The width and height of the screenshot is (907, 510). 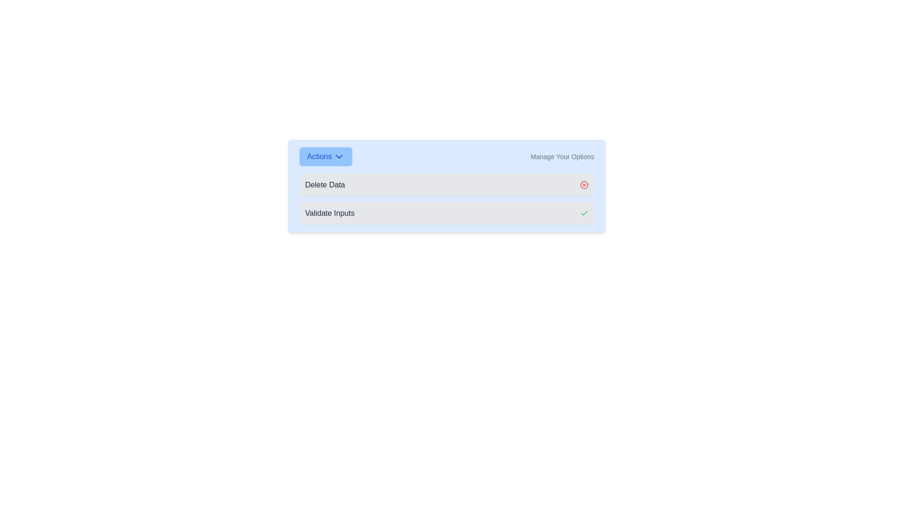 What do you see at coordinates (584, 185) in the screenshot?
I see `the red circular 'X' button to confirm the deletion, which is located at the far right of the 'Delete Data' section in the control panel` at bounding box center [584, 185].